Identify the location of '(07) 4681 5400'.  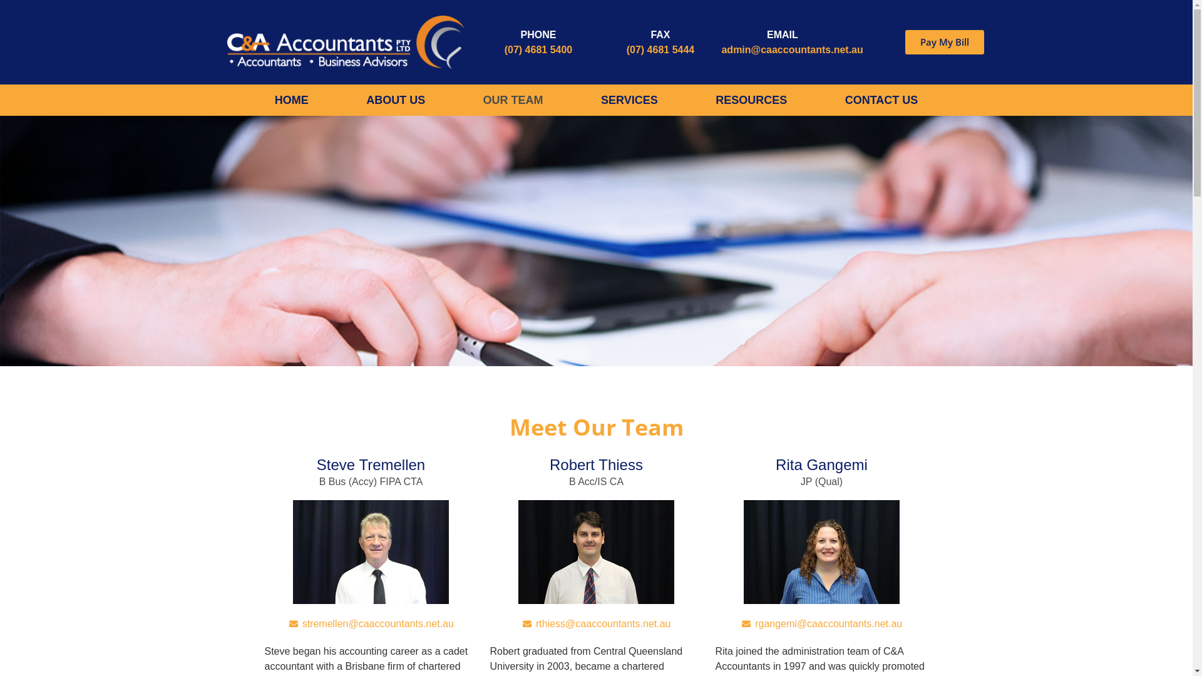
(538, 49).